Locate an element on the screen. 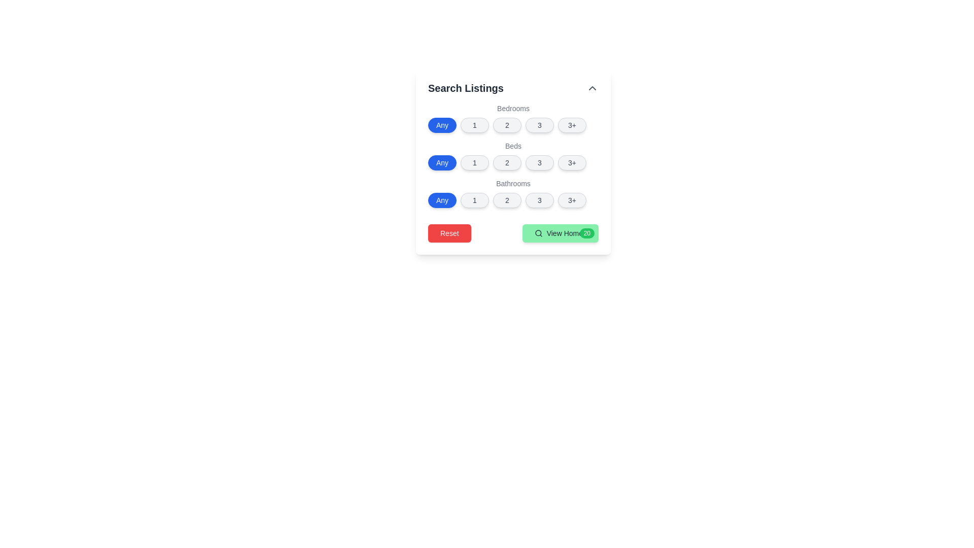 The image size is (974, 548). the fourth button labeled '3 bedrooms' in the property search form is located at coordinates (539, 124).